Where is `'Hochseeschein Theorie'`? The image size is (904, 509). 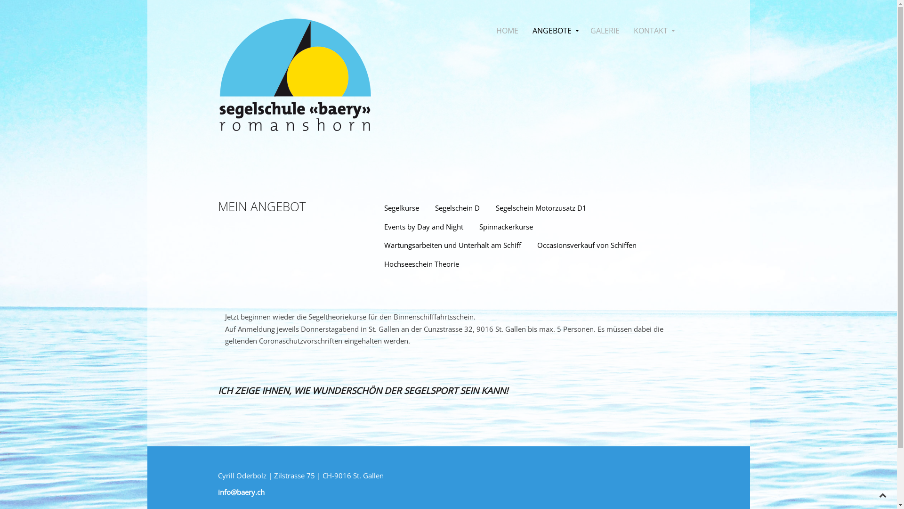
'Hochseeschein Theorie' is located at coordinates (421, 263).